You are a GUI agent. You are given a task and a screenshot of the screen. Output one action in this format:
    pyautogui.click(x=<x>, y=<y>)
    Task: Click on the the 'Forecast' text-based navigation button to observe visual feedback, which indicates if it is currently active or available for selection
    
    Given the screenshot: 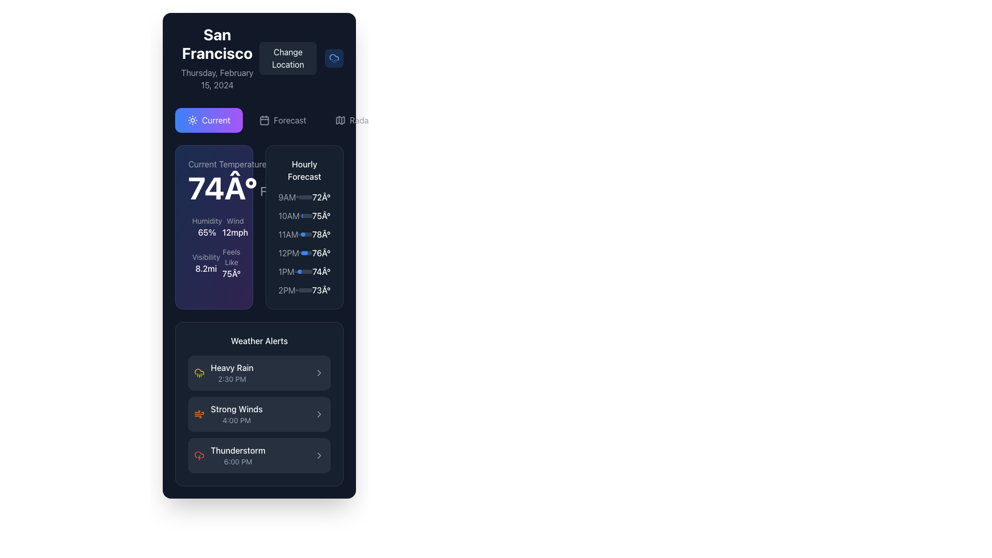 What is the action you would take?
    pyautogui.click(x=289, y=119)
    